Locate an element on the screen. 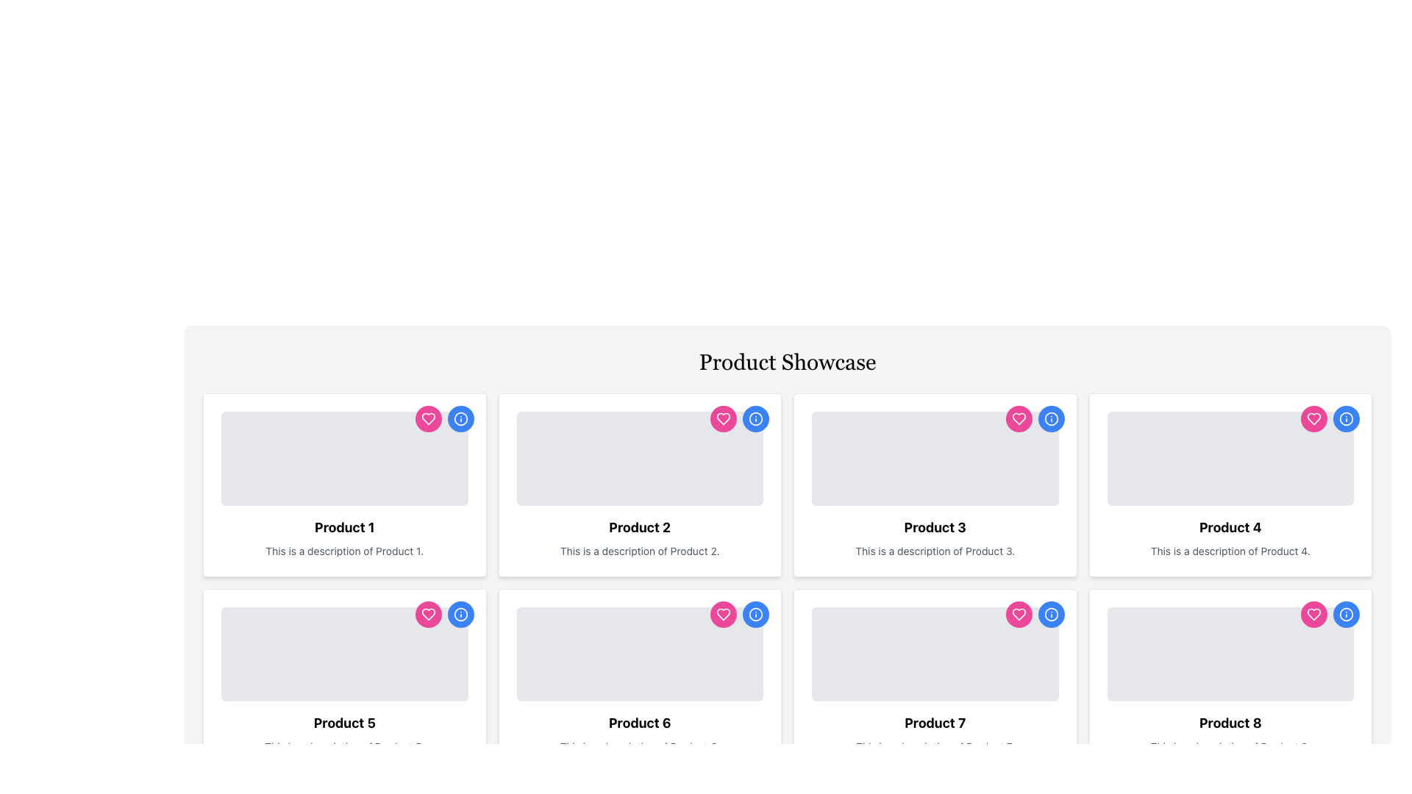  the informational button with an icon located at the top-right corner of the 'Product 6' card is located at coordinates (740, 615).